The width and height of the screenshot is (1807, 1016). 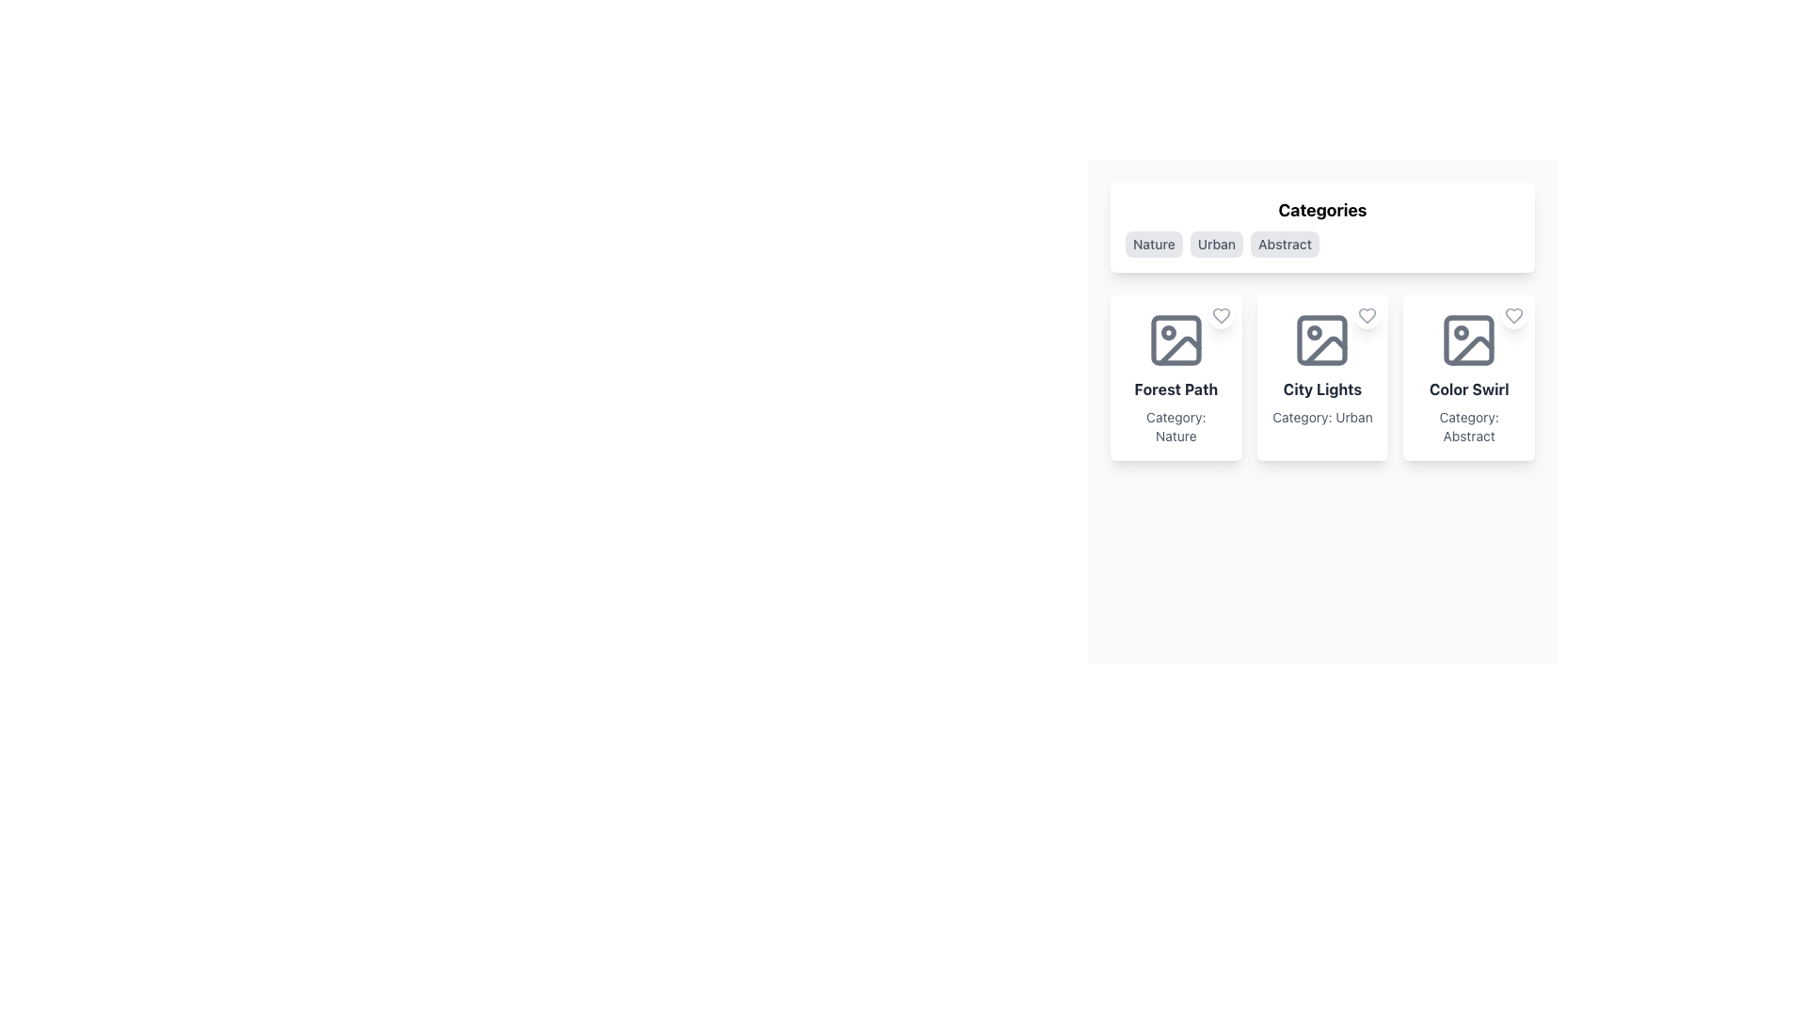 What do you see at coordinates (1321, 341) in the screenshot?
I see `the decorative graphic element of the 'City Lights' card icon, which is centrally positioned within the card and contributes to its visual representation` at bounding box center [1321, 341].